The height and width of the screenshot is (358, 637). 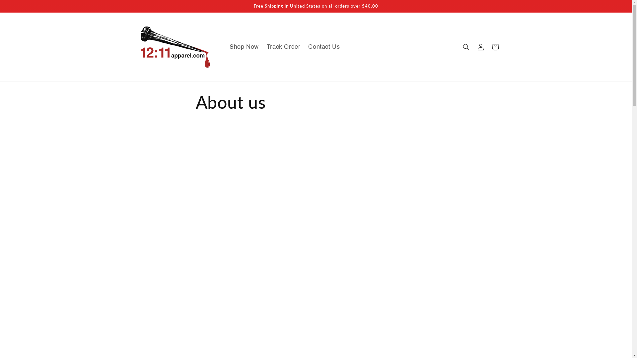 What do you see at coordinates (244, 46) in the screenshot?
I see `'Shop Now'` at bounding box center [244, 46].